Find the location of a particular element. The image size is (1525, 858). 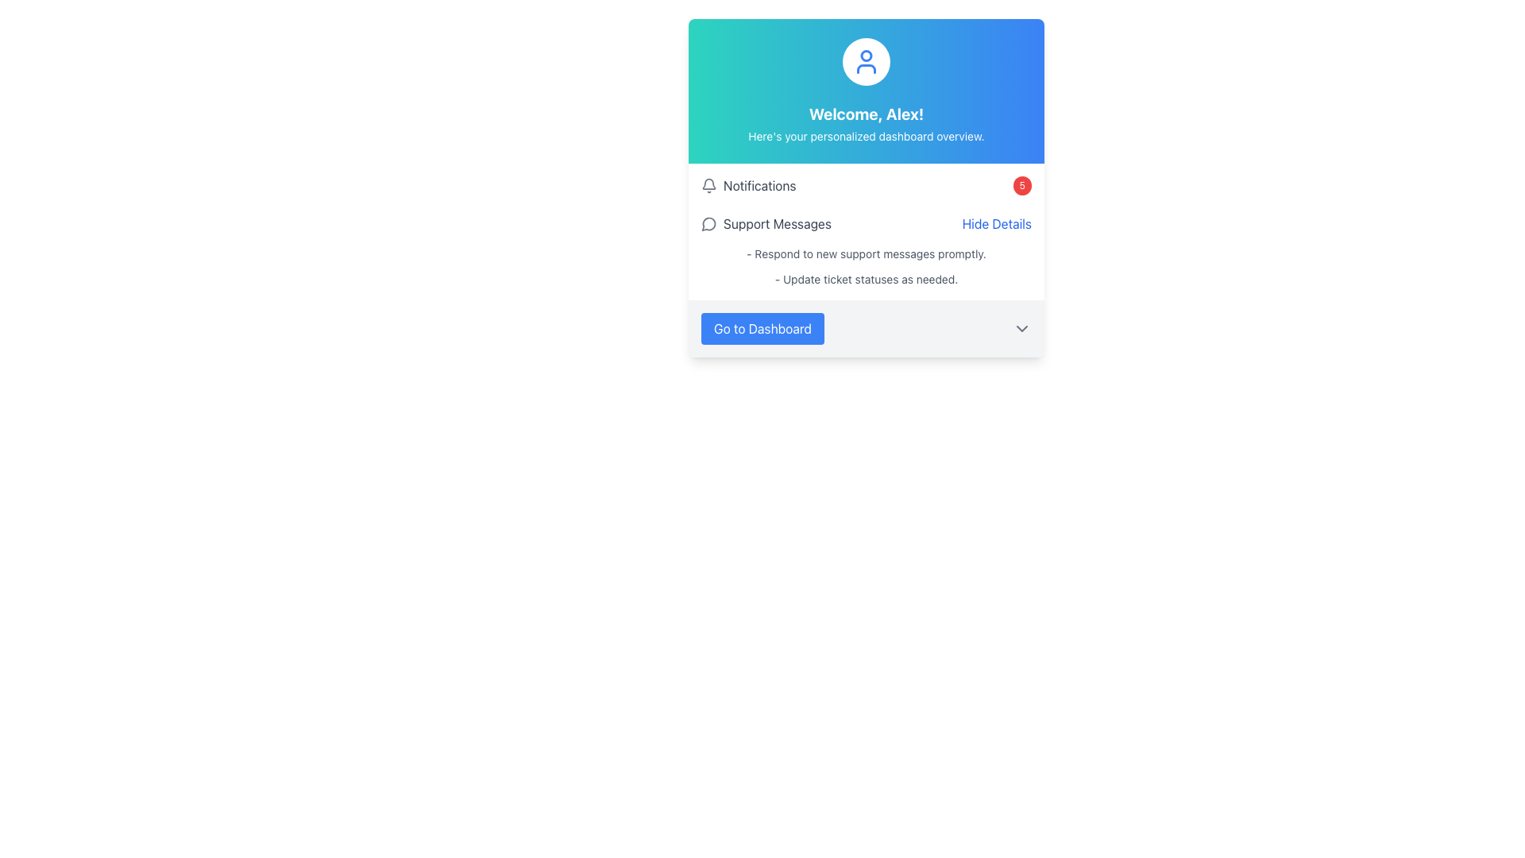

the personalized greeting text for user 'Alex', which is centrally located below the profile icon and above the dashboard overview text is located at coordinates (865, 113).